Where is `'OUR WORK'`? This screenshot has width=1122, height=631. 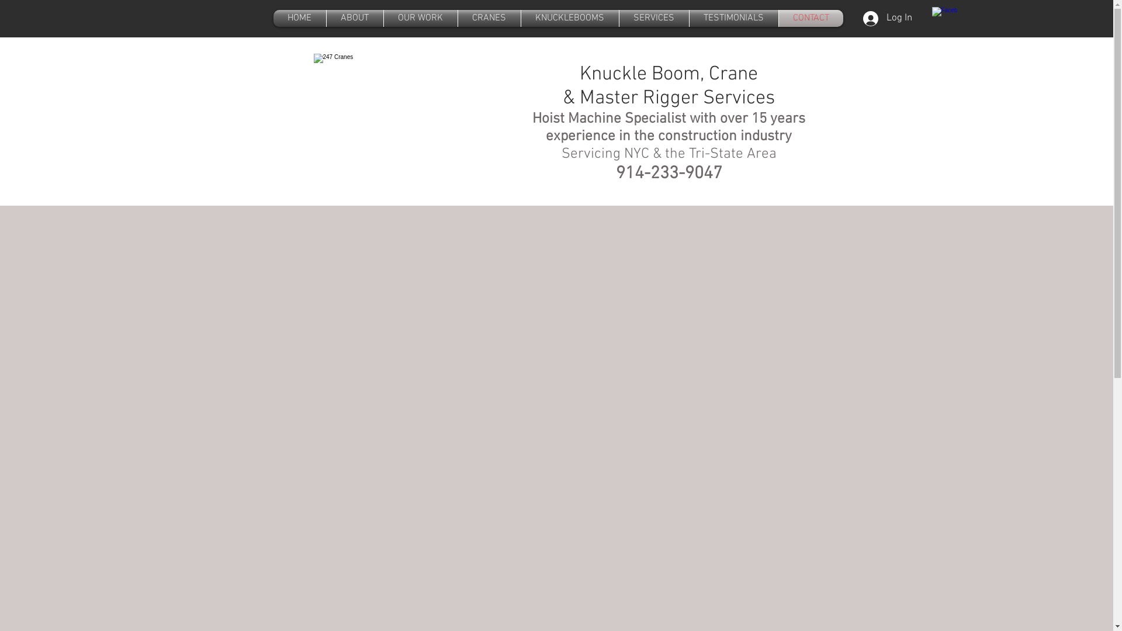 'OUR WORK' is located at coordinates (420, 18).